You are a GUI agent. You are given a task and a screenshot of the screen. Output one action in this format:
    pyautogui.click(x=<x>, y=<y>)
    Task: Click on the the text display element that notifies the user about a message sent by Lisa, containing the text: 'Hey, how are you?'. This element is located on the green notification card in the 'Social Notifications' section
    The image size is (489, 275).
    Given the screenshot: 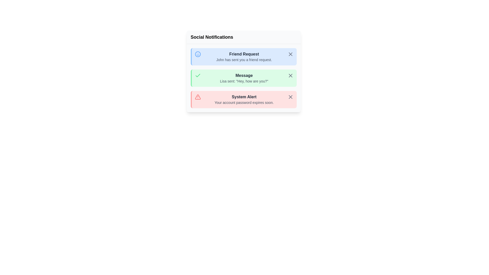 What is the action you would take?
    pyautogui.click(x=244, y=78)
    